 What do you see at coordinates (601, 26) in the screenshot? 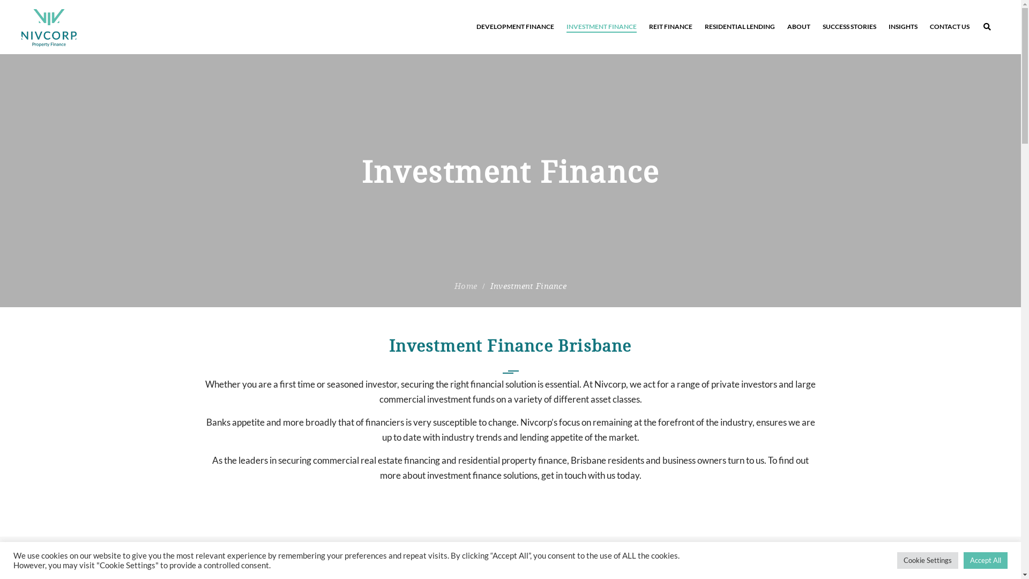
I see `'INVESTMENT FINANCE'` at bounding box center [601, 26].